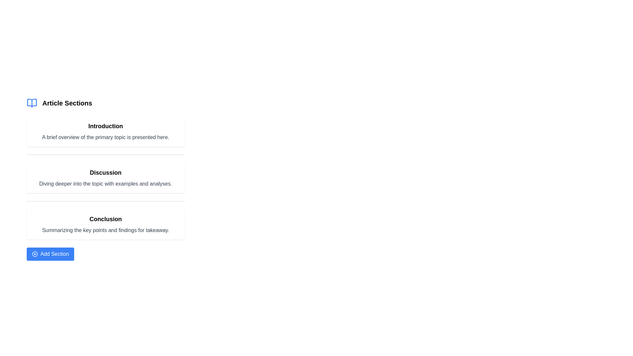 The width and height of the screenshot is (633, 356). I want to click on the horizontal gray separator line positioned between the 'Discussion' and 'Conclusion' sections, so click(105, 201).